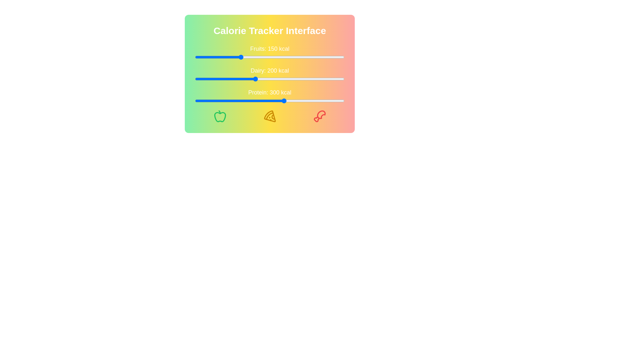 The image size is (617, 347). What do you see at coordinates (230, 79) in the screenshot?
I see `the Dairy calorie slider to 118 kcal` at bounding box center [230, 79].